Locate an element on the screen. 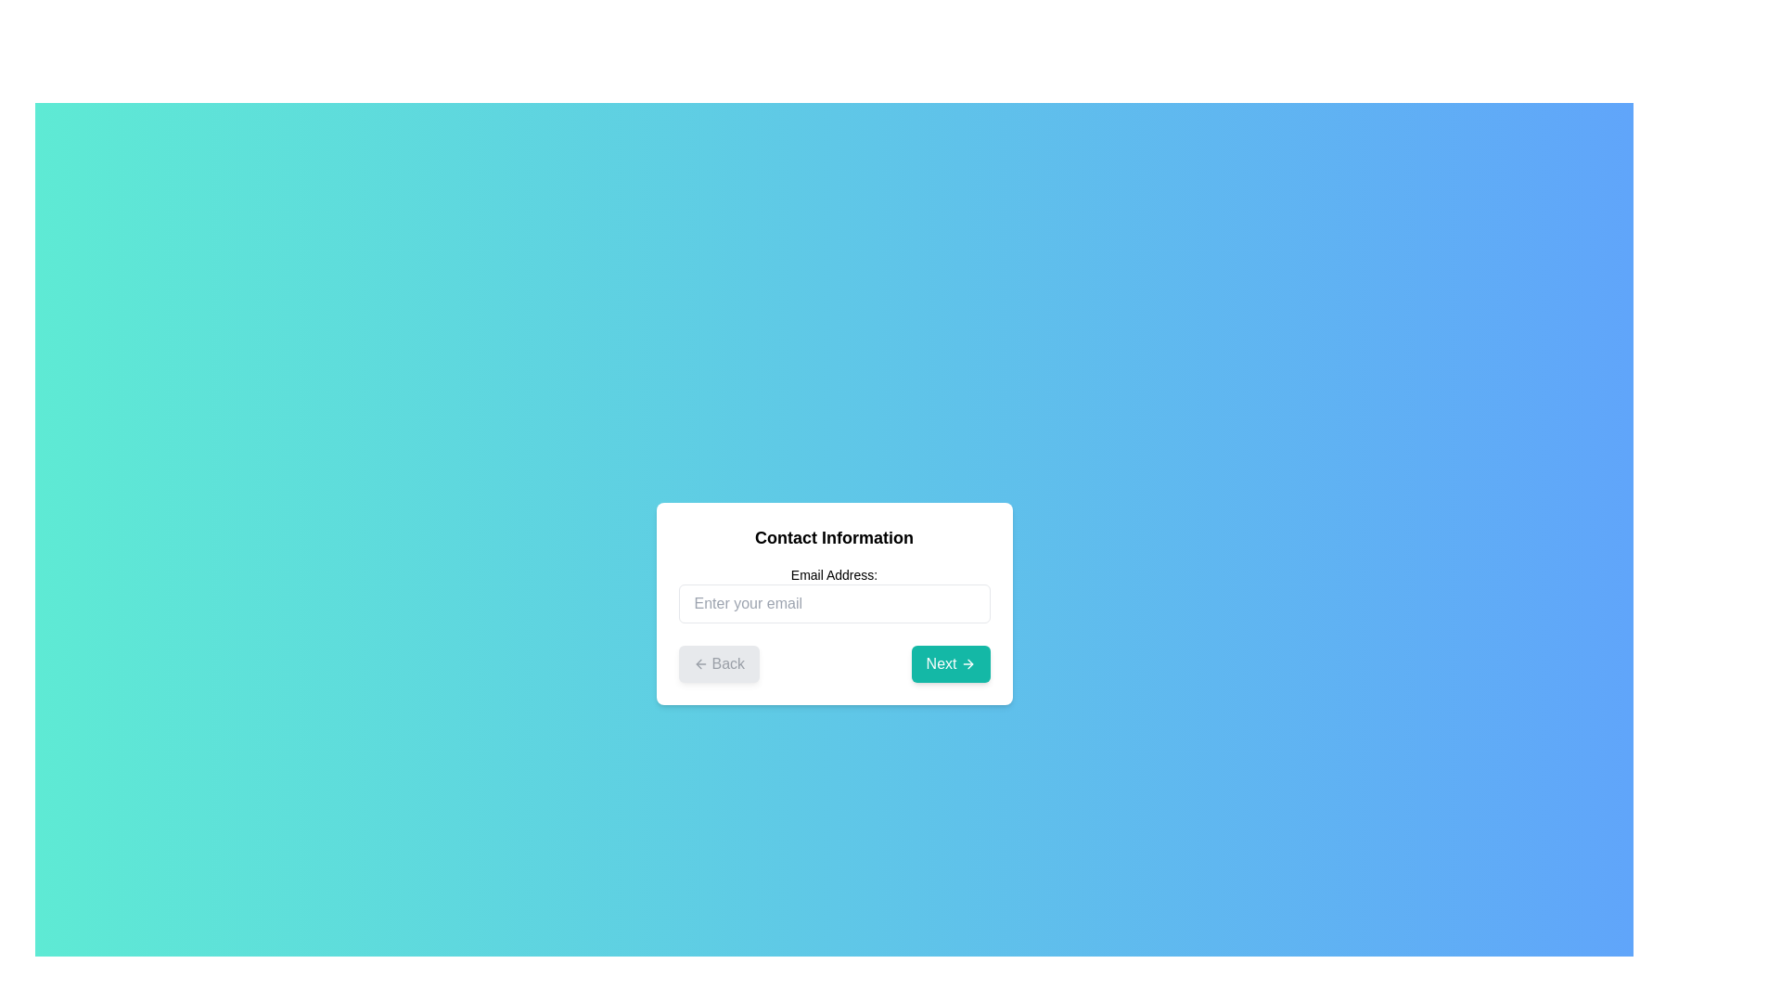 The width and height of the screenshot is (1781, 1002). the left-pointing arrow icon that is part of the 'Back' button, located at the bottom-left corner of the form area is located at coordinates (699, 663).